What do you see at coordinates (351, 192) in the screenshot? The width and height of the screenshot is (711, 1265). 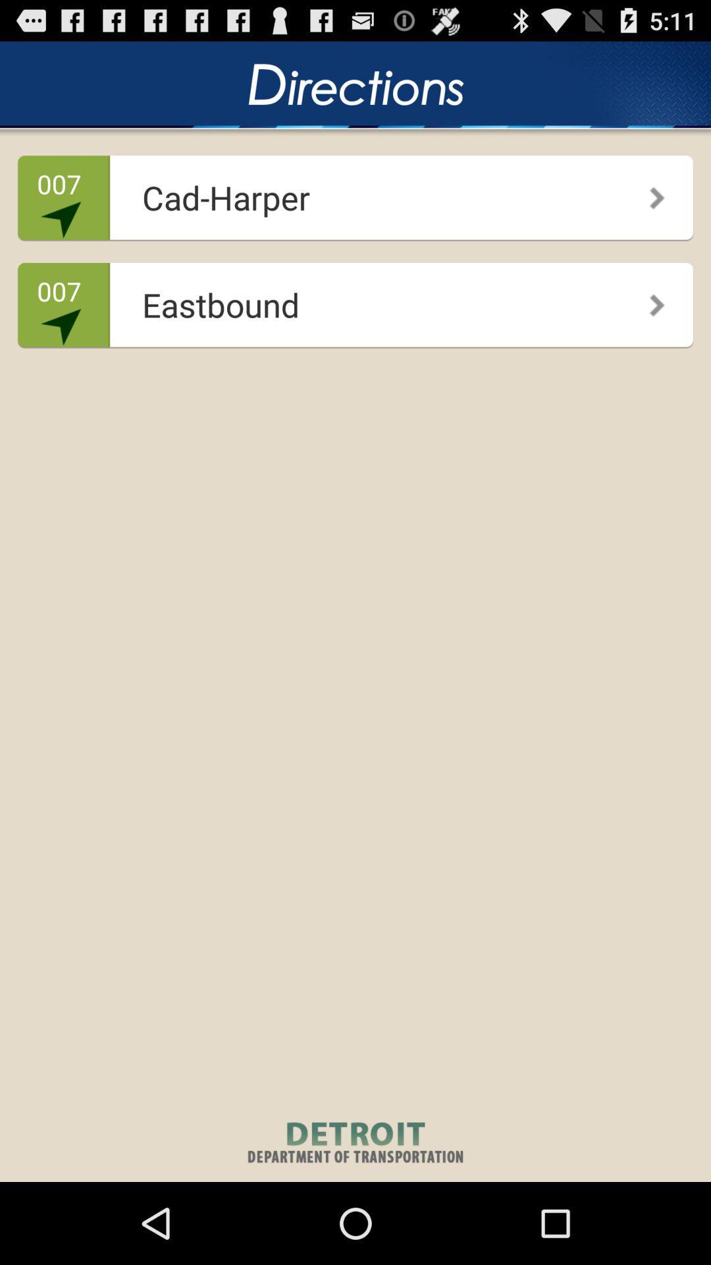 I see `the item to the right of the 007 app` at bounding box center [351, 192].